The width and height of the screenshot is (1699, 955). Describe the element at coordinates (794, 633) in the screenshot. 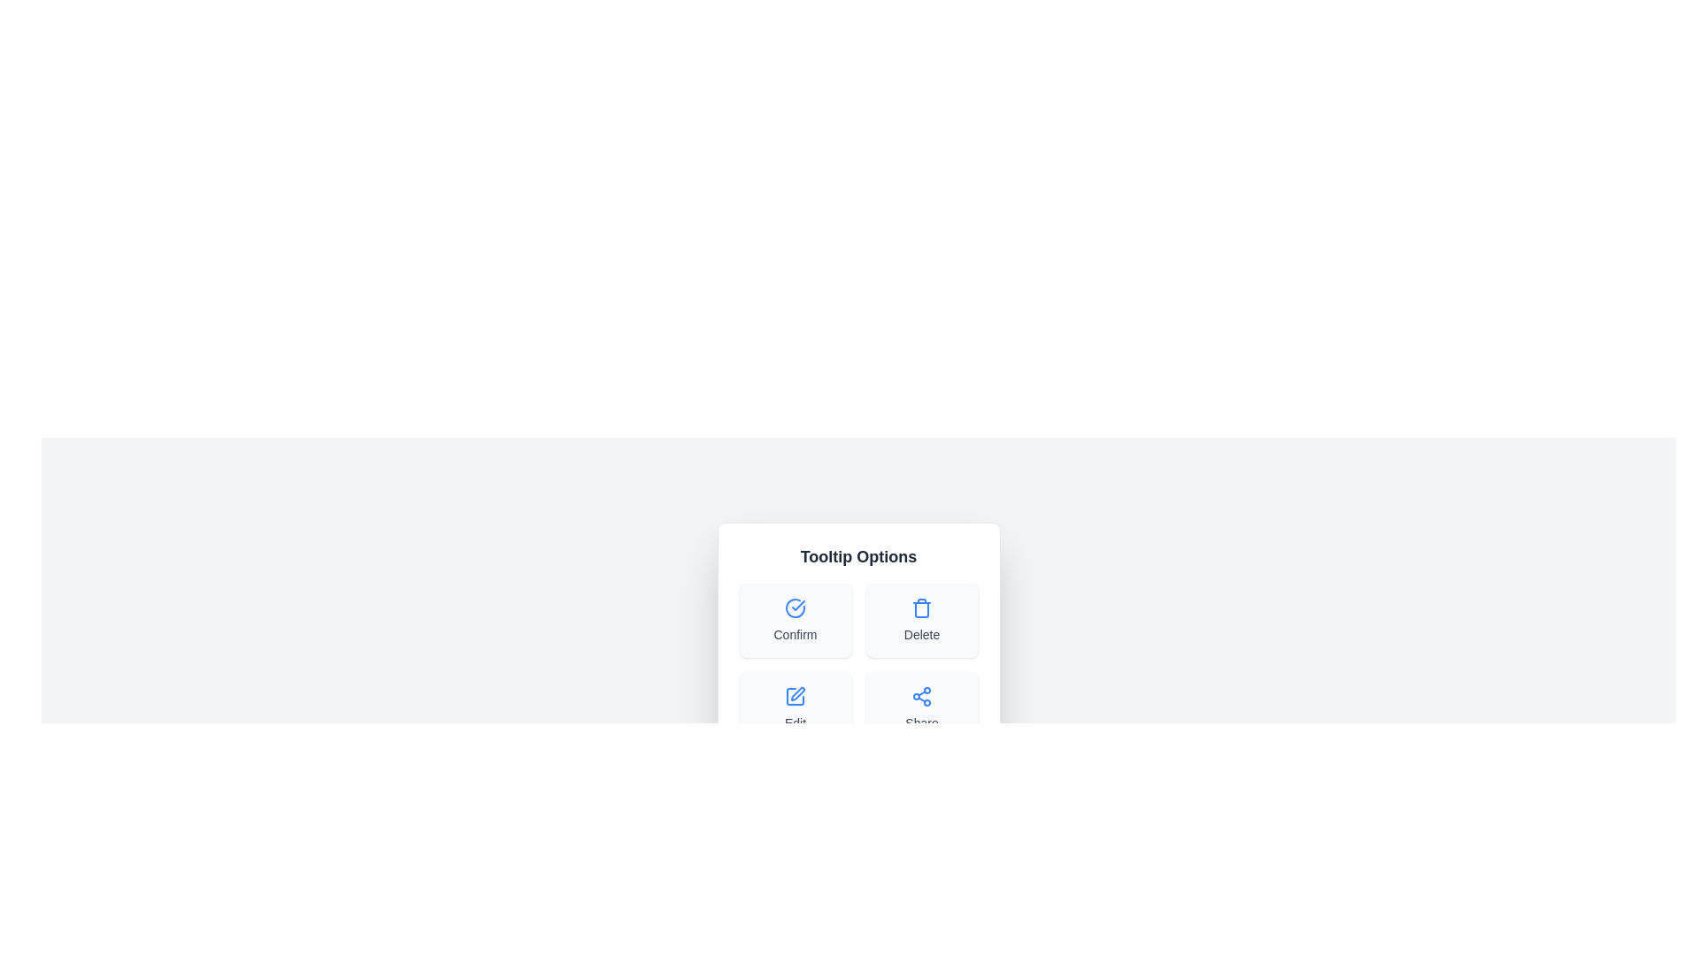

I see `the text label displaying 'Confirm', which is styled with a small font size and medium weighting, located centrally below a blue circular check mark icon in a tooltip-like modal` at that location.